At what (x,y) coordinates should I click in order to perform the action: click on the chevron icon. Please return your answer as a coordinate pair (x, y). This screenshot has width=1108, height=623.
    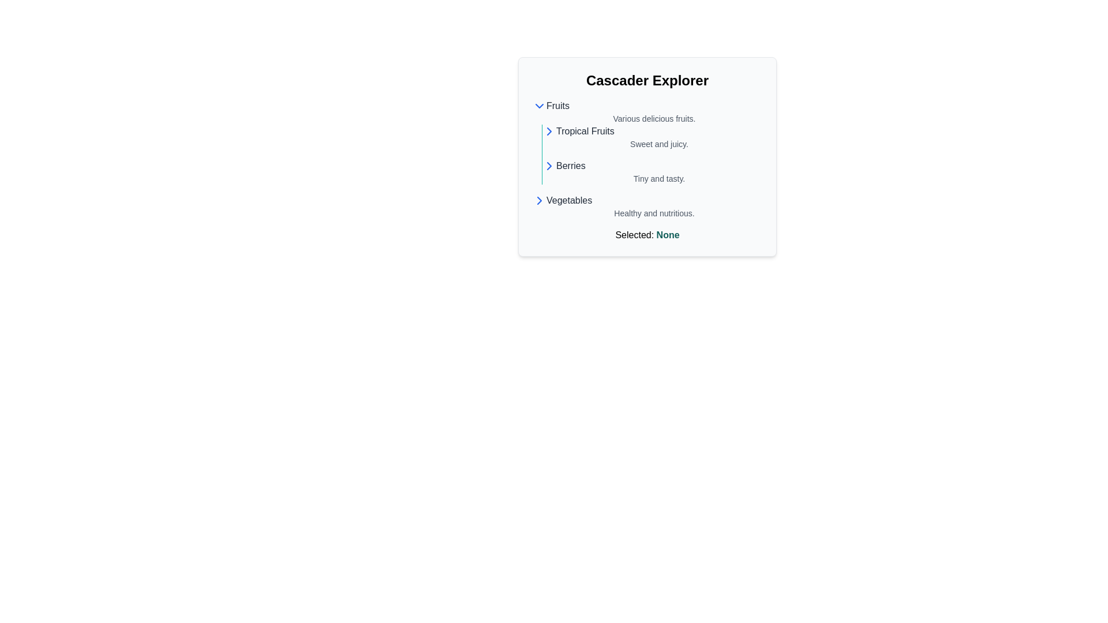
    Looking at the image, I should click on (548, 130).